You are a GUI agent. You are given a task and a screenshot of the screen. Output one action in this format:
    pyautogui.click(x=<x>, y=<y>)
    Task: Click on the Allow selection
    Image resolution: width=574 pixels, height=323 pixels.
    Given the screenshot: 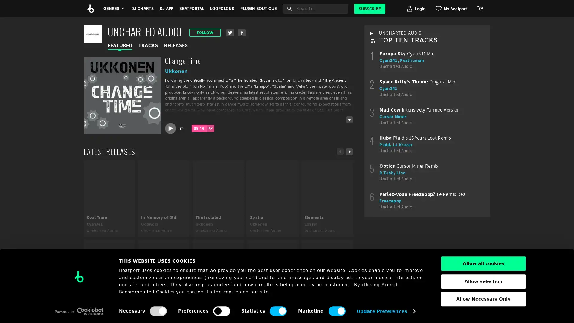 What is the action you would take?
    pyautogui.click(x=483, y=281)
    